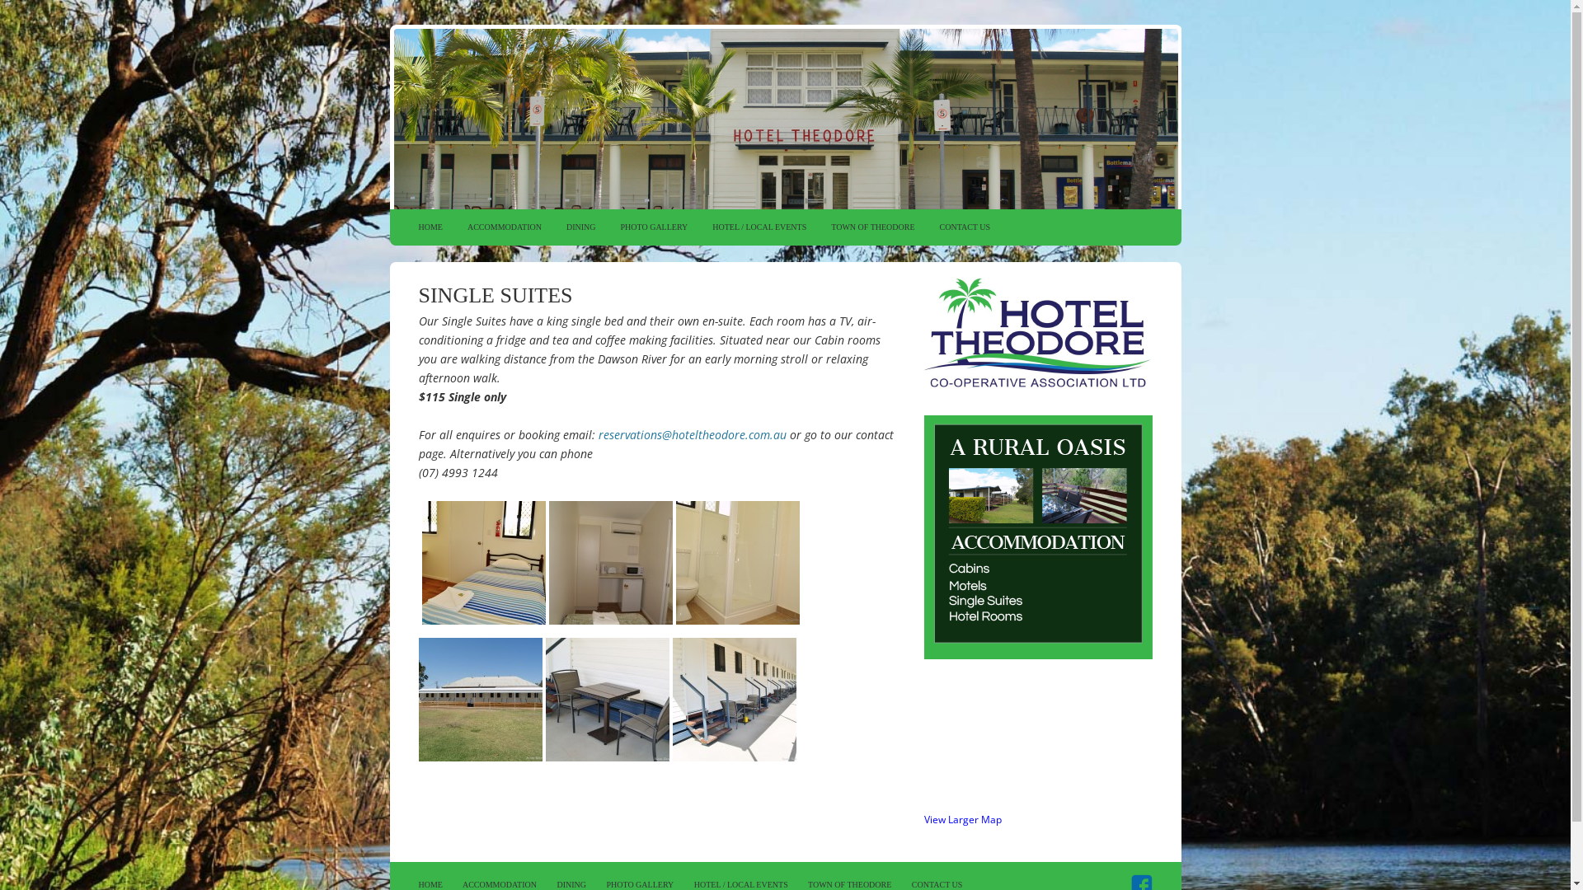 The width and height of the screenshot is (1583, 890). Describe the element at coordinates (927, 227) in the screenshot. I see `'CONTACT US'` at that location.